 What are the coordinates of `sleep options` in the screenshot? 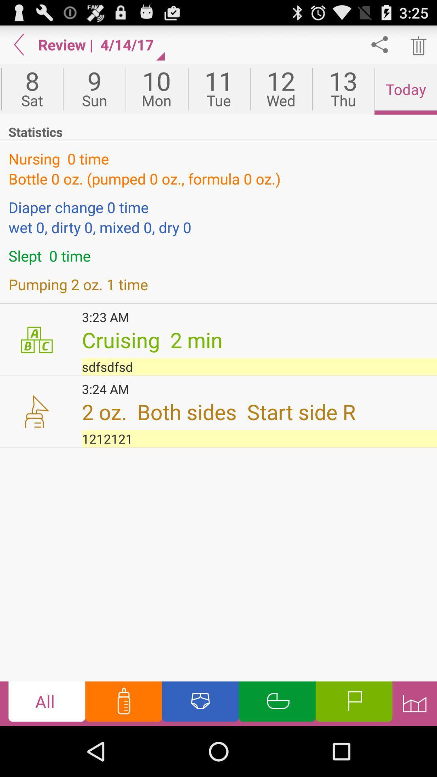 It's located at (277, 703).